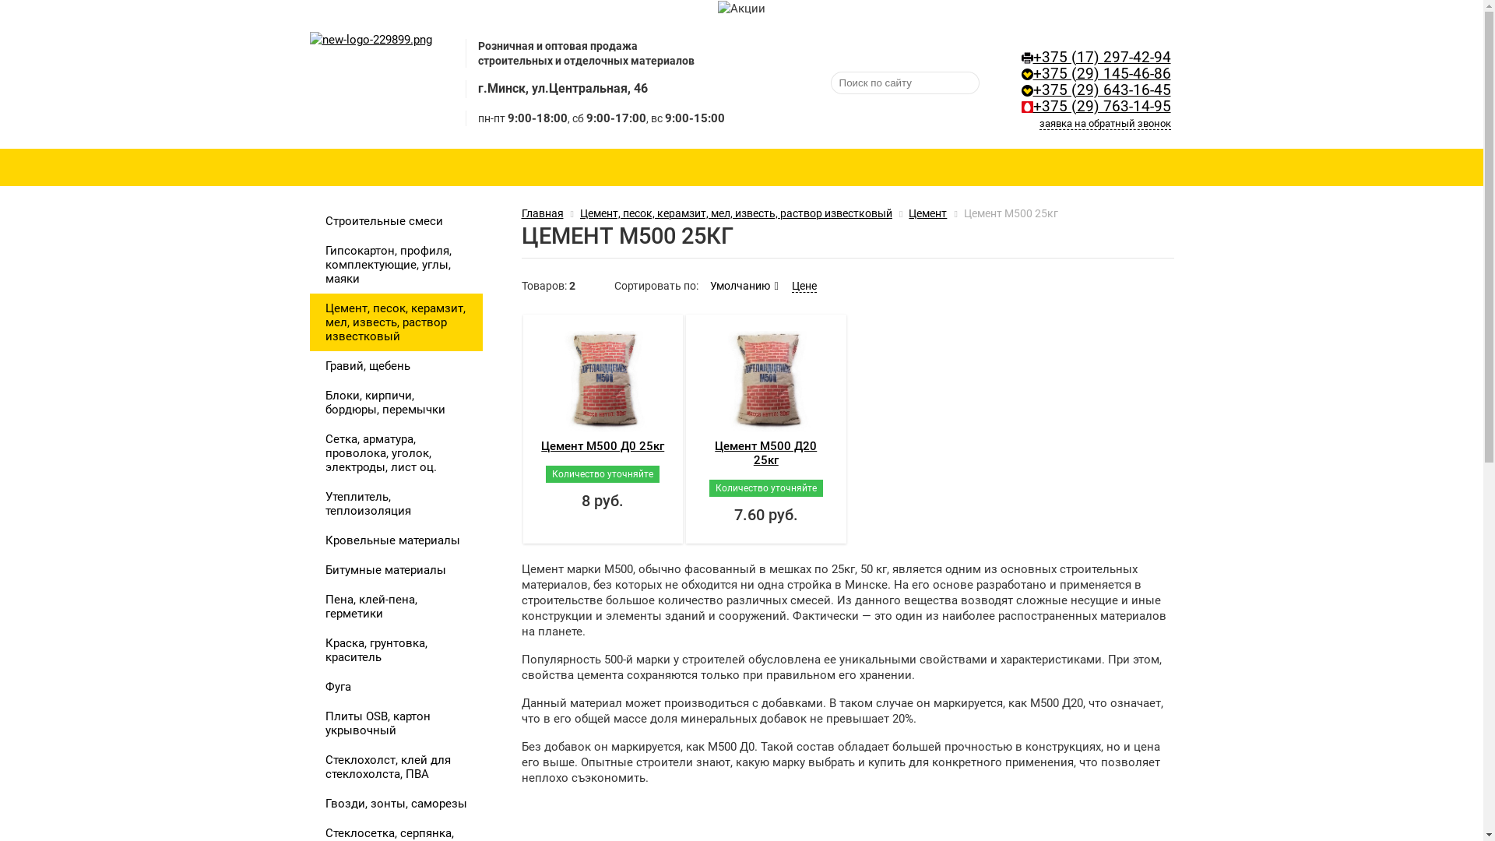  What do you see at coordinates (1027, 90) in the screenshot?
I see `'Velcom'` at bounding box center [1027, 90].